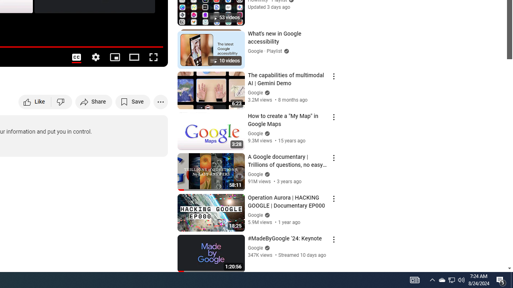 This screenshot has width=513, height=288. Describe the element at coordinates (76, 56) in the screenshot. I see `'Subtitles/closed captions unavailable'` at that location.